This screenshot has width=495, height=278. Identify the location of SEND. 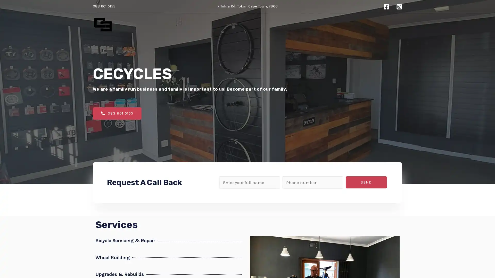
(366, 182).